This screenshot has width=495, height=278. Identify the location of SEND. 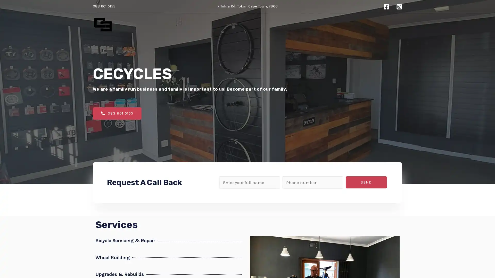
(366, 182).